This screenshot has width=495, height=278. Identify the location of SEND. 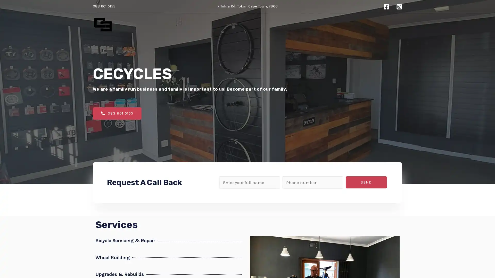
(366, 182).